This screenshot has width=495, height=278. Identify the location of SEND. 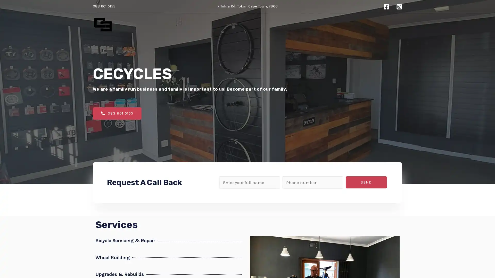
(366, 182).